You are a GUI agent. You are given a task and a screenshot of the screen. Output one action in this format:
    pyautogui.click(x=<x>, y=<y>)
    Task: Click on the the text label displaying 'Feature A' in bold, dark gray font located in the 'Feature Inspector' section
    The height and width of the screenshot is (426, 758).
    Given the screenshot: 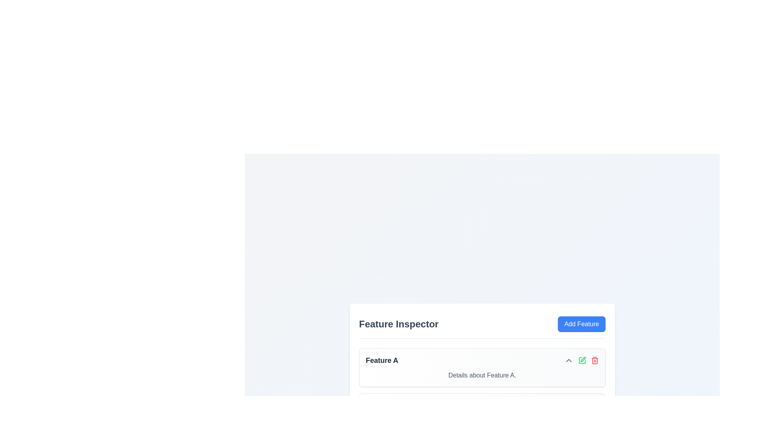 What is the action you would take?
    pyautogui.click(x=382, y=360)
    